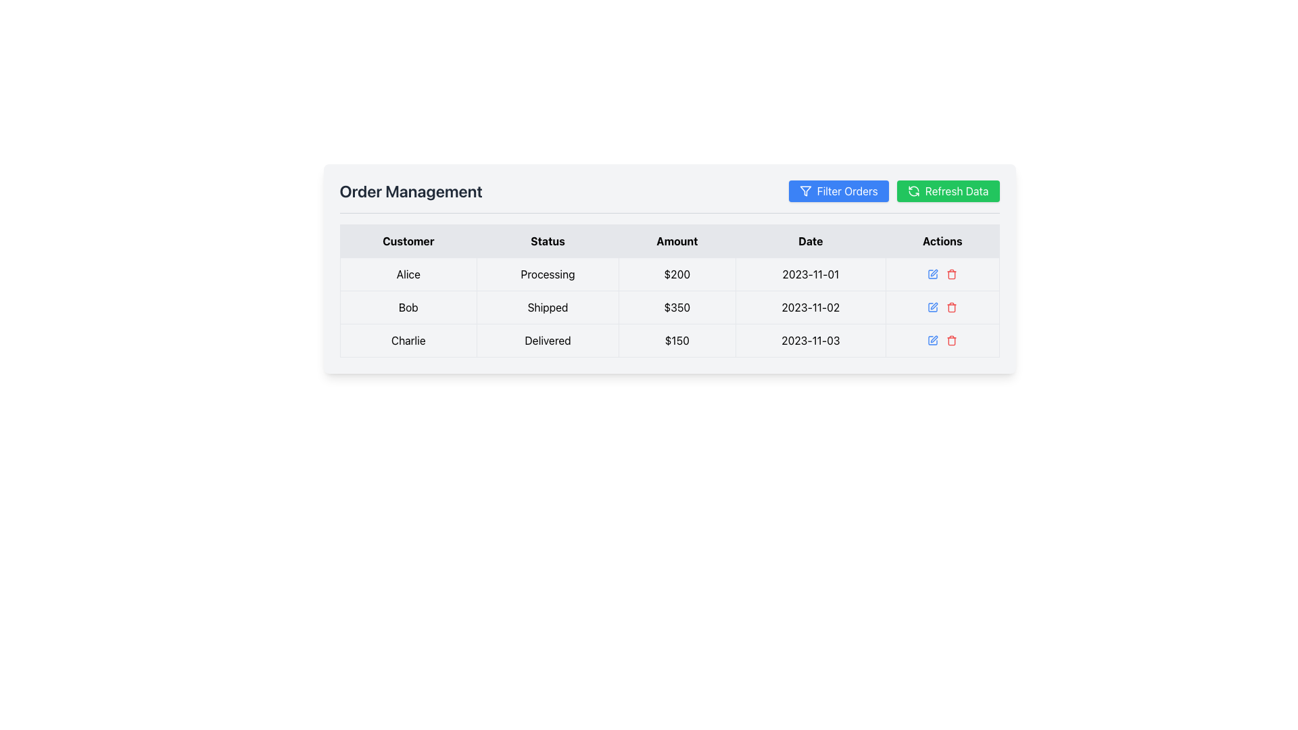 The image size is (1298, 730). What do you see at coordinates (932, 274) in the screenshot?
I see `the Edit Icon in the Actions column of the table associated with the user 'Bob'` at bounding box center [932, 274].